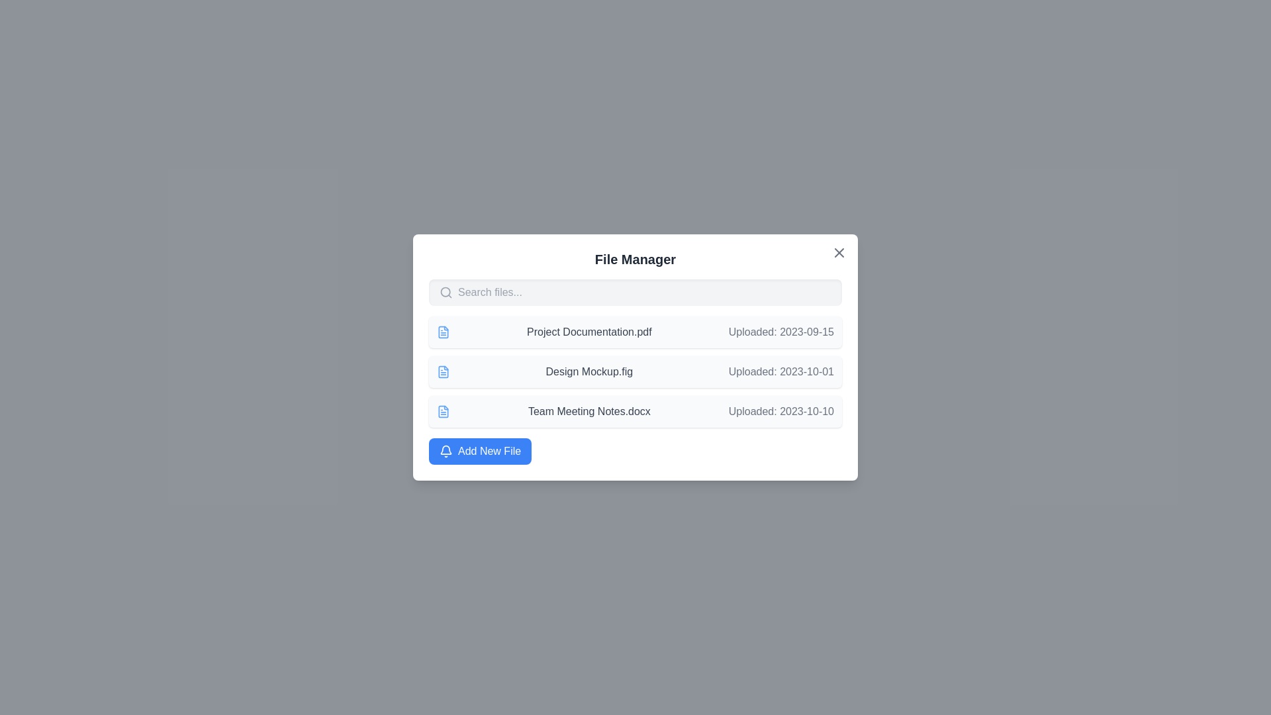 Image resolution: width=1271 pixels, height=715 pixels. What do you see at coordinates (781, 331) in the screenshot?
I see `the informational label displaying the text 'Uploaded: 2023-09-15', which is styled in light gray and located to the right of 'Project Documentation.pdf' in the file manager interface` at bounding box center [781, 331].